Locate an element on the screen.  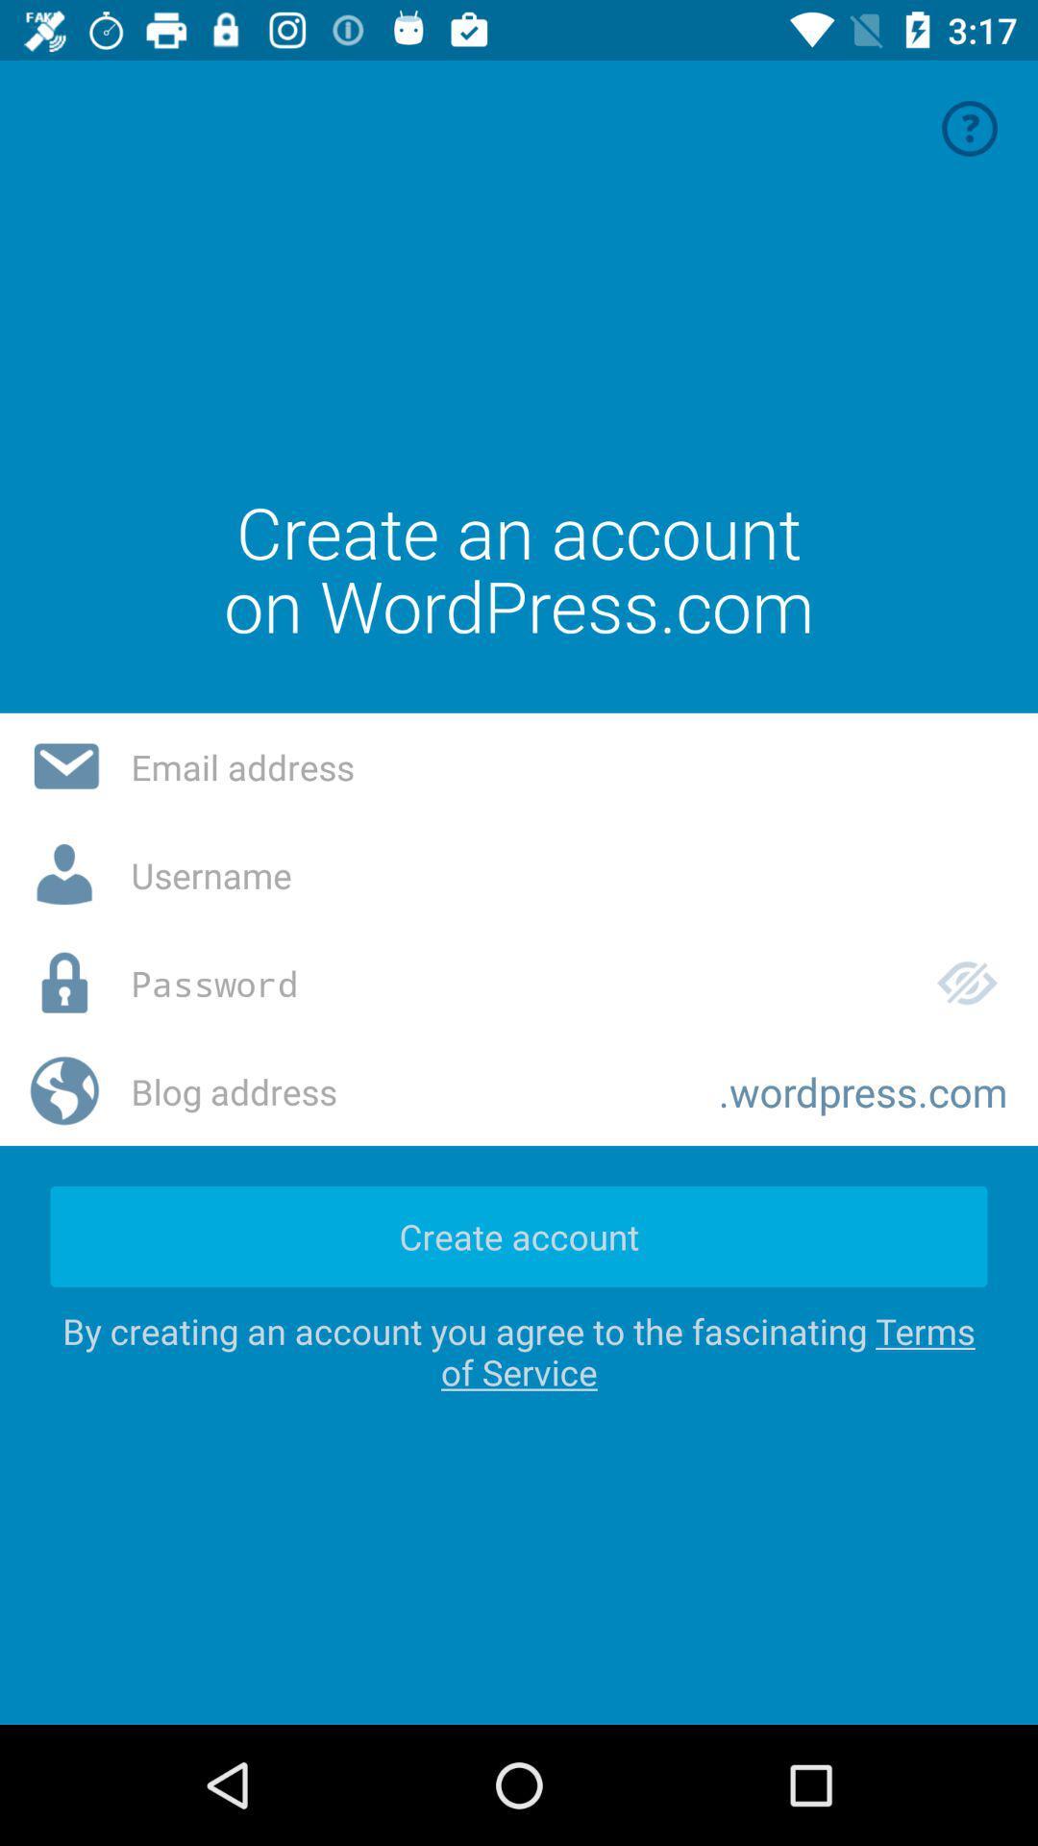
the lock icon is located at coordinates (64, 983).